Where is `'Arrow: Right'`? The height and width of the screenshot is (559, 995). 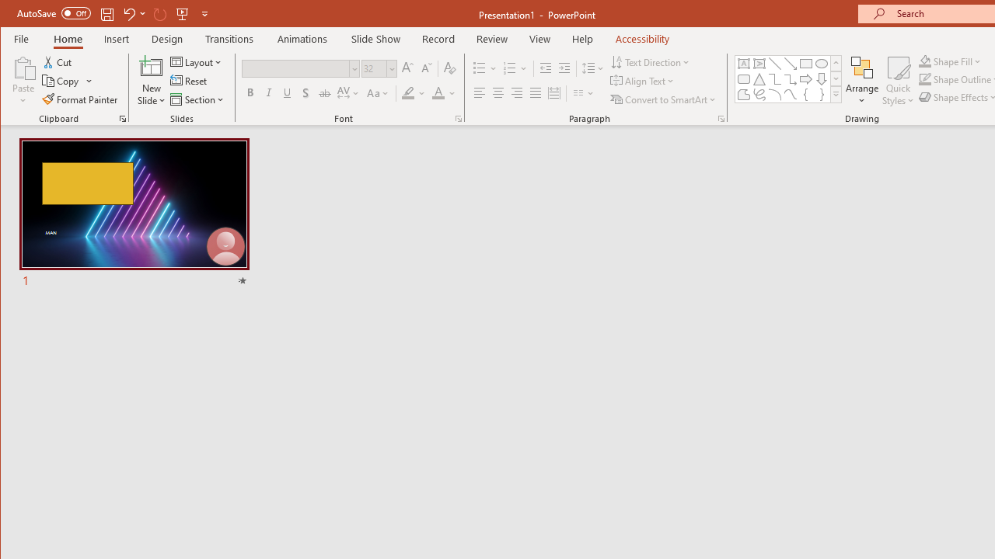 'Arrow: Right' is located at coordinates (805, 79).